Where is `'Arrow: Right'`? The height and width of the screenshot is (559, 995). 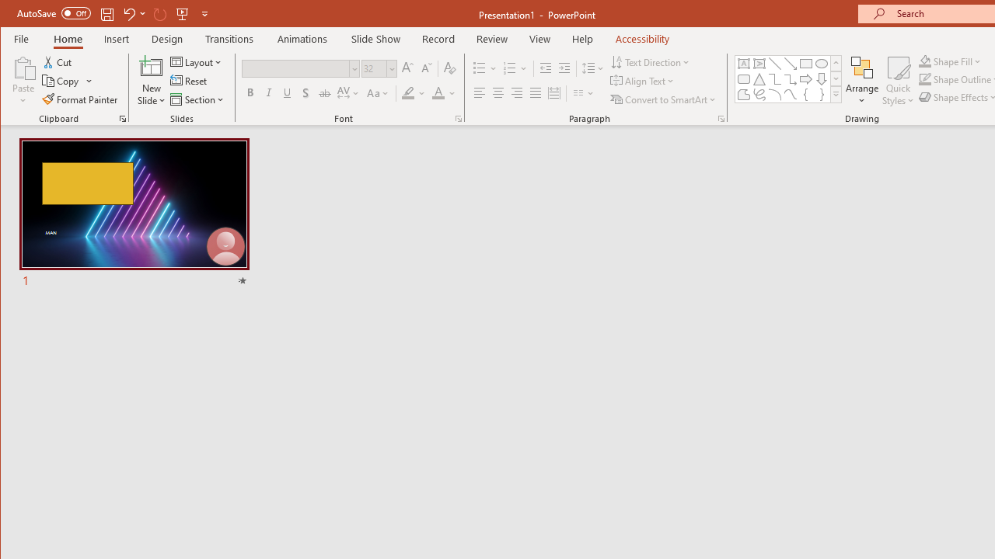 'Arrow: Right' is located at coordinates (805, 79).